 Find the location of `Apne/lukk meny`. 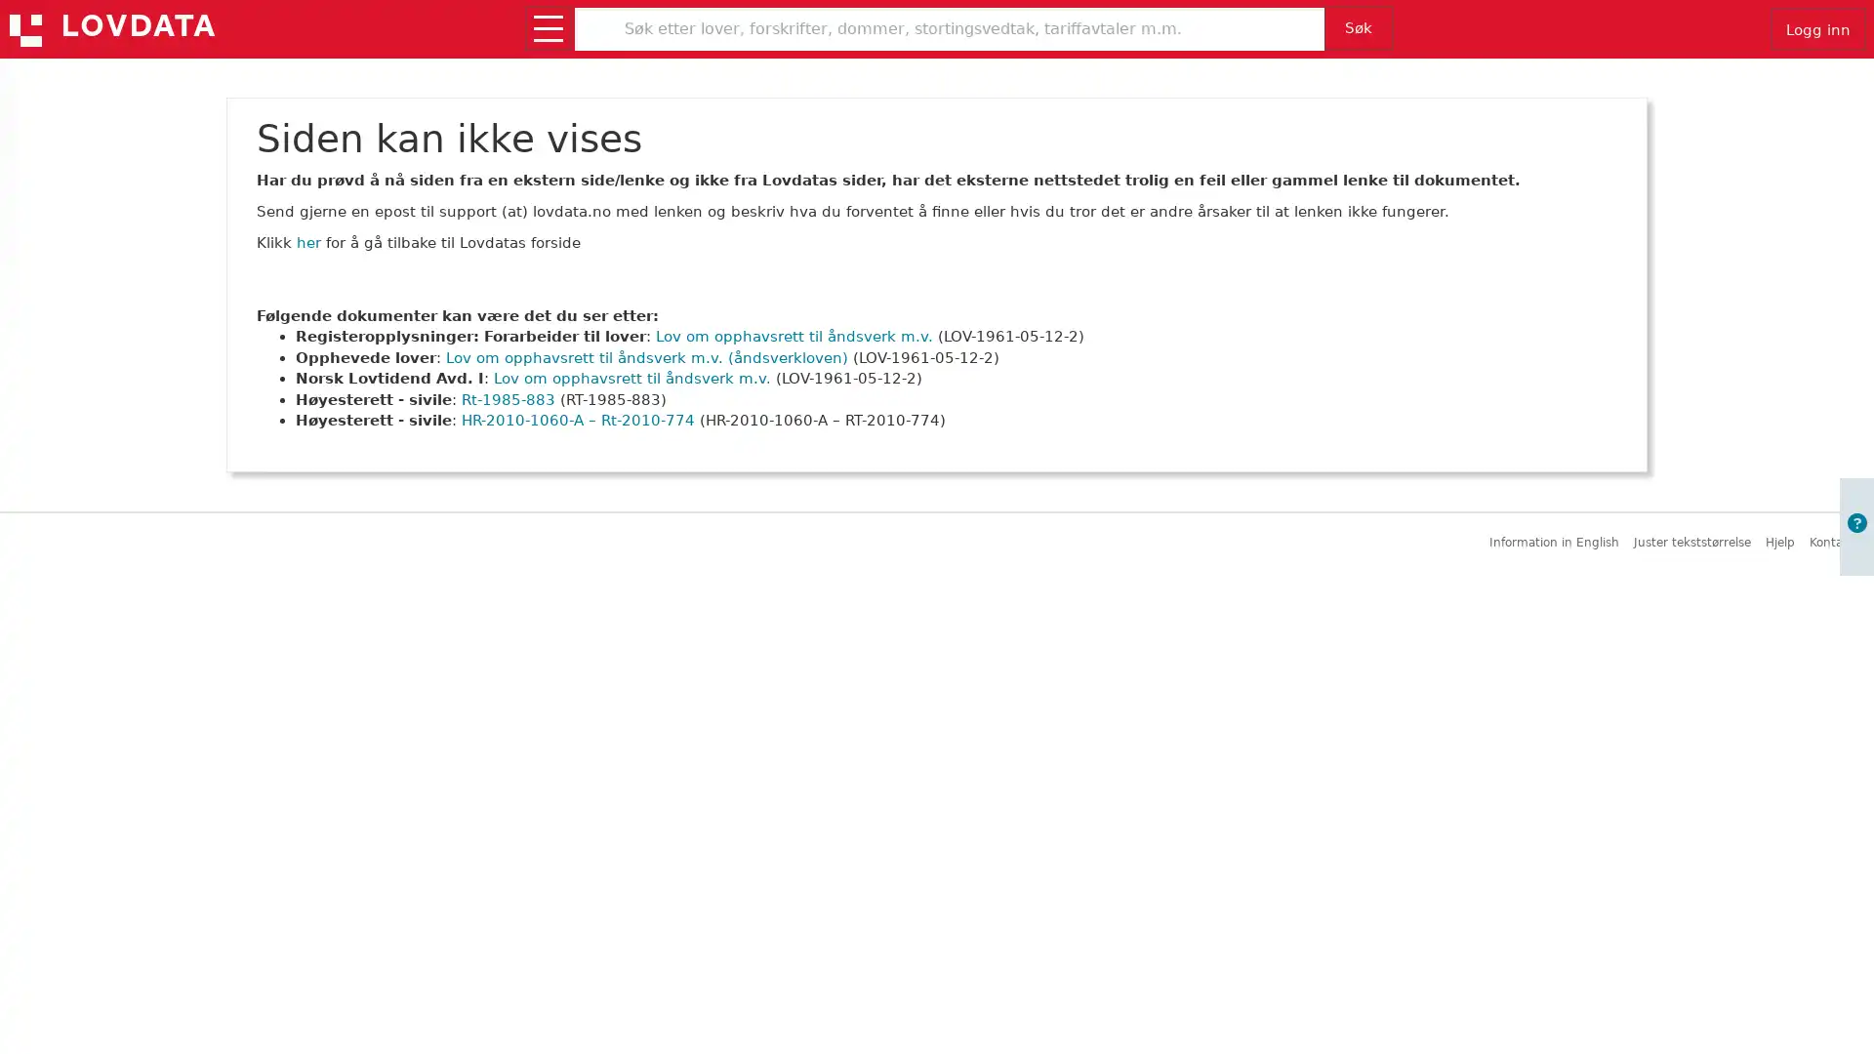

Apne/lukk meny is located at coordinates (547, 28).